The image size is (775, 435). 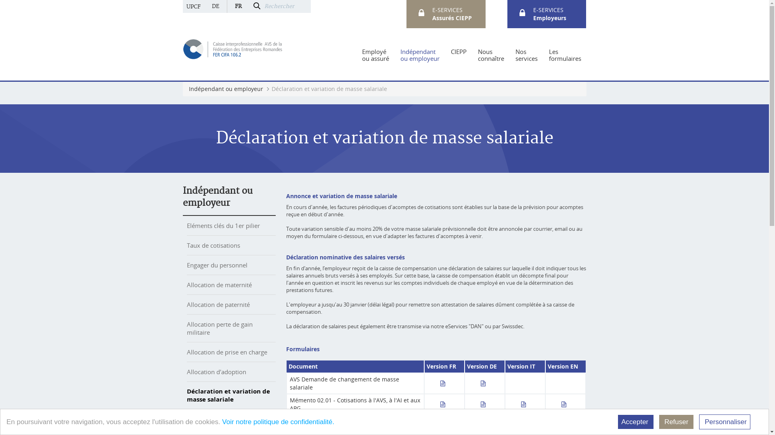 What do you see at coordinates (193, 6) in the screenshot?
I see `'UPCF'` at bounding box center [193, 6].